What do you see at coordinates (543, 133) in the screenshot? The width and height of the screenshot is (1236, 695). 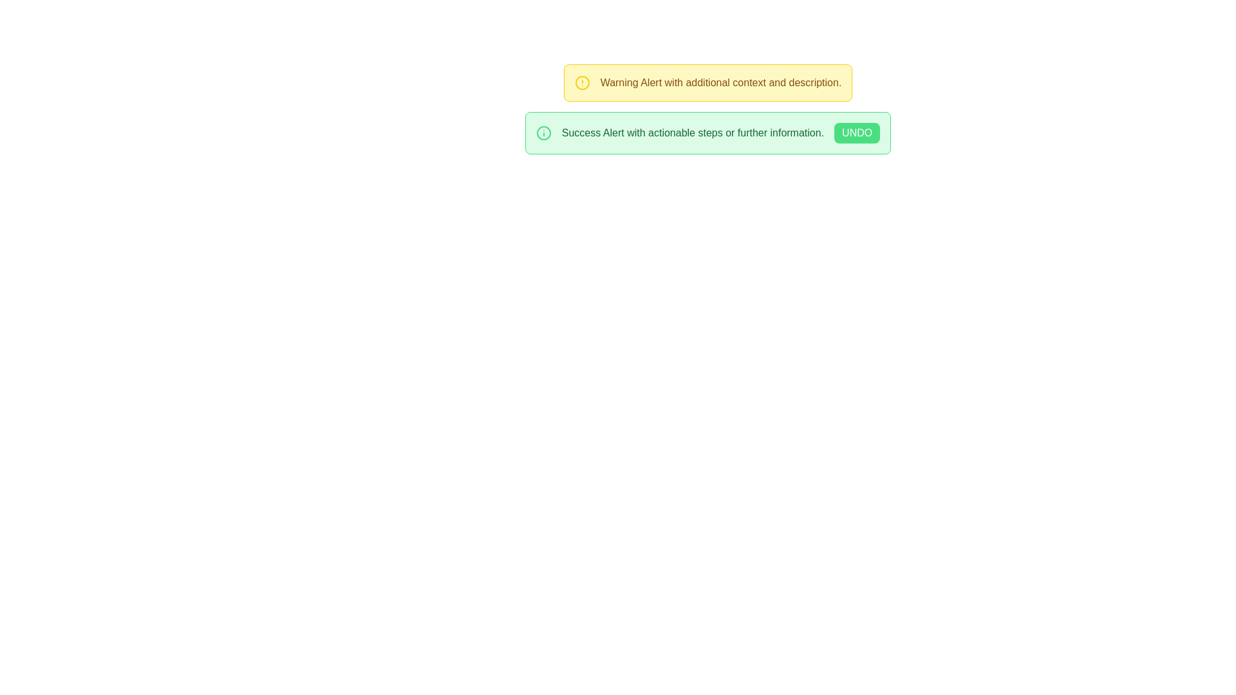 I see `the graphical icon component (circle) indicating success status located in the left portion of the success message alert` at bounding box center [543, 133].